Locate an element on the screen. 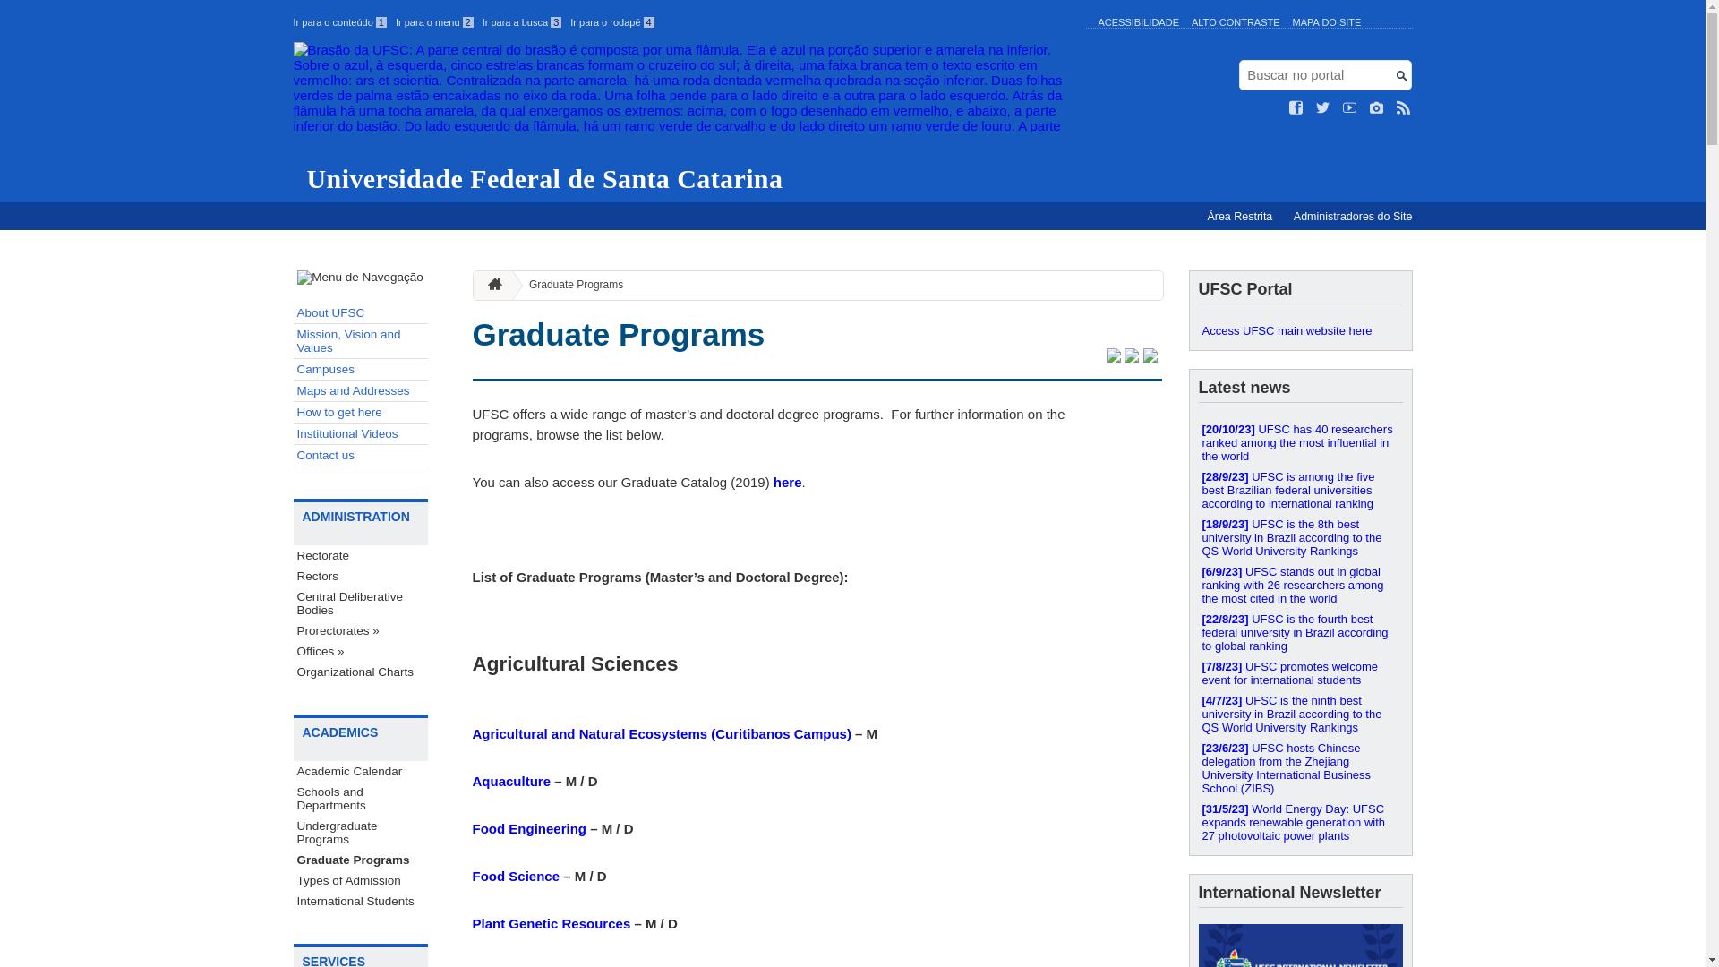  'Administradores do Site' is located at coordinates (1353, 216).